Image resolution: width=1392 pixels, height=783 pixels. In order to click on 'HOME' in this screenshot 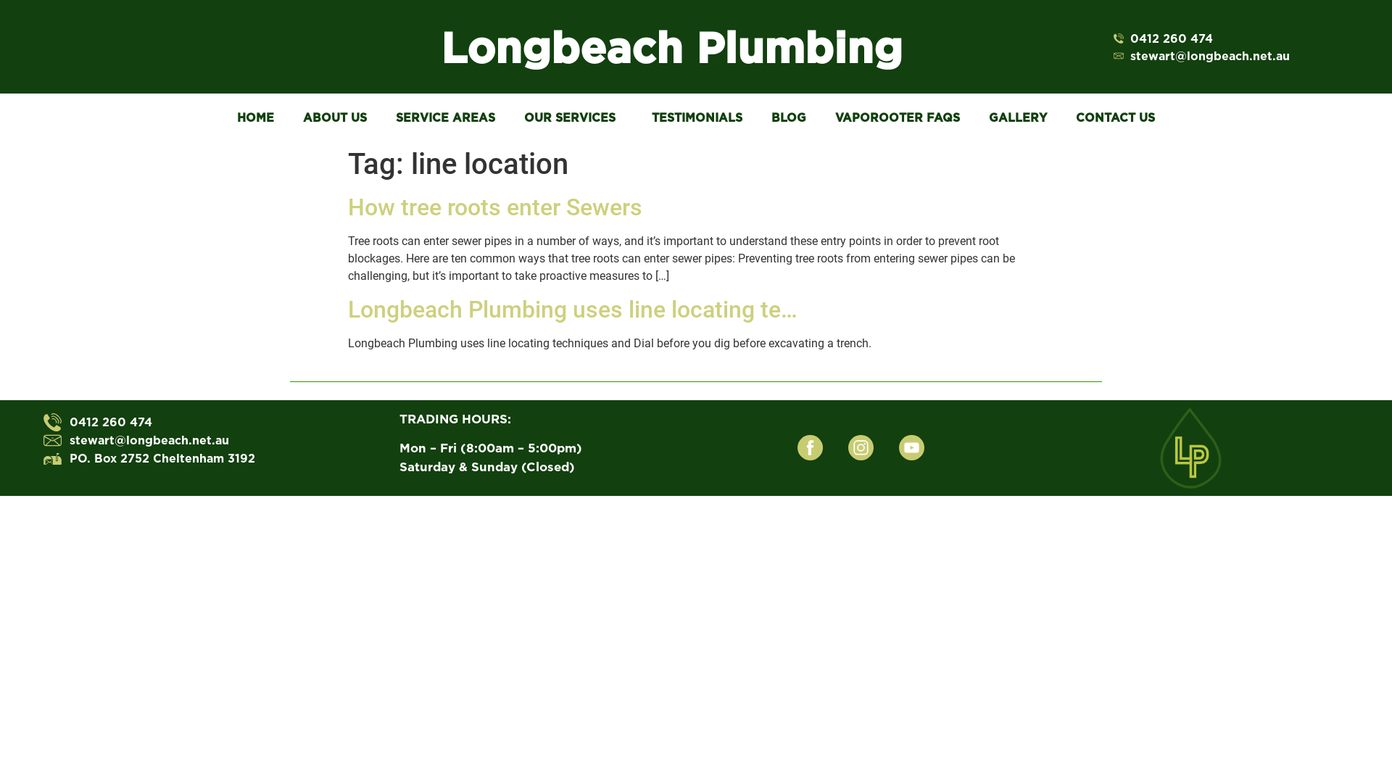, I will do `click(222, 117)`.